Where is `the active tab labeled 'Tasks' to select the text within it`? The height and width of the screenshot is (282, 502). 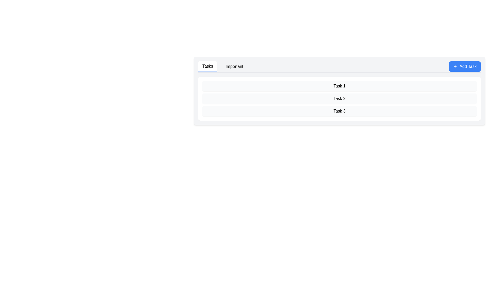 the active tab labeled 'Tasks' to select the text within it is located at coordinates (207, 66).